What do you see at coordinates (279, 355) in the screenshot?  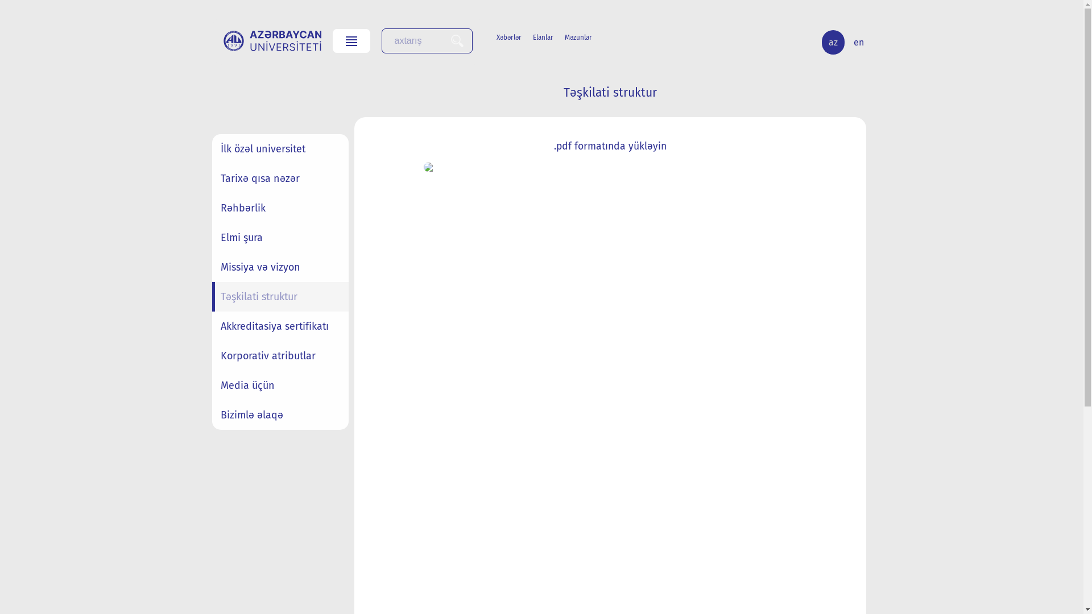 I see `'Korporativ atributlar'` at bounding box center [279, 355].